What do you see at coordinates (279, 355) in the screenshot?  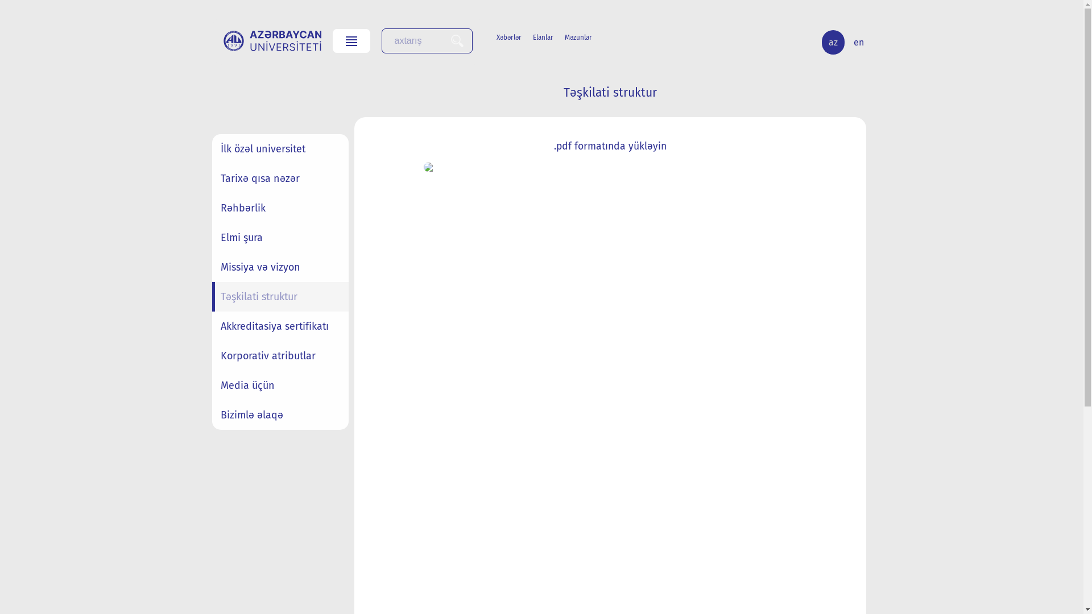 I see `'Korporativ atributlar'` at bounding box center [279, 355].